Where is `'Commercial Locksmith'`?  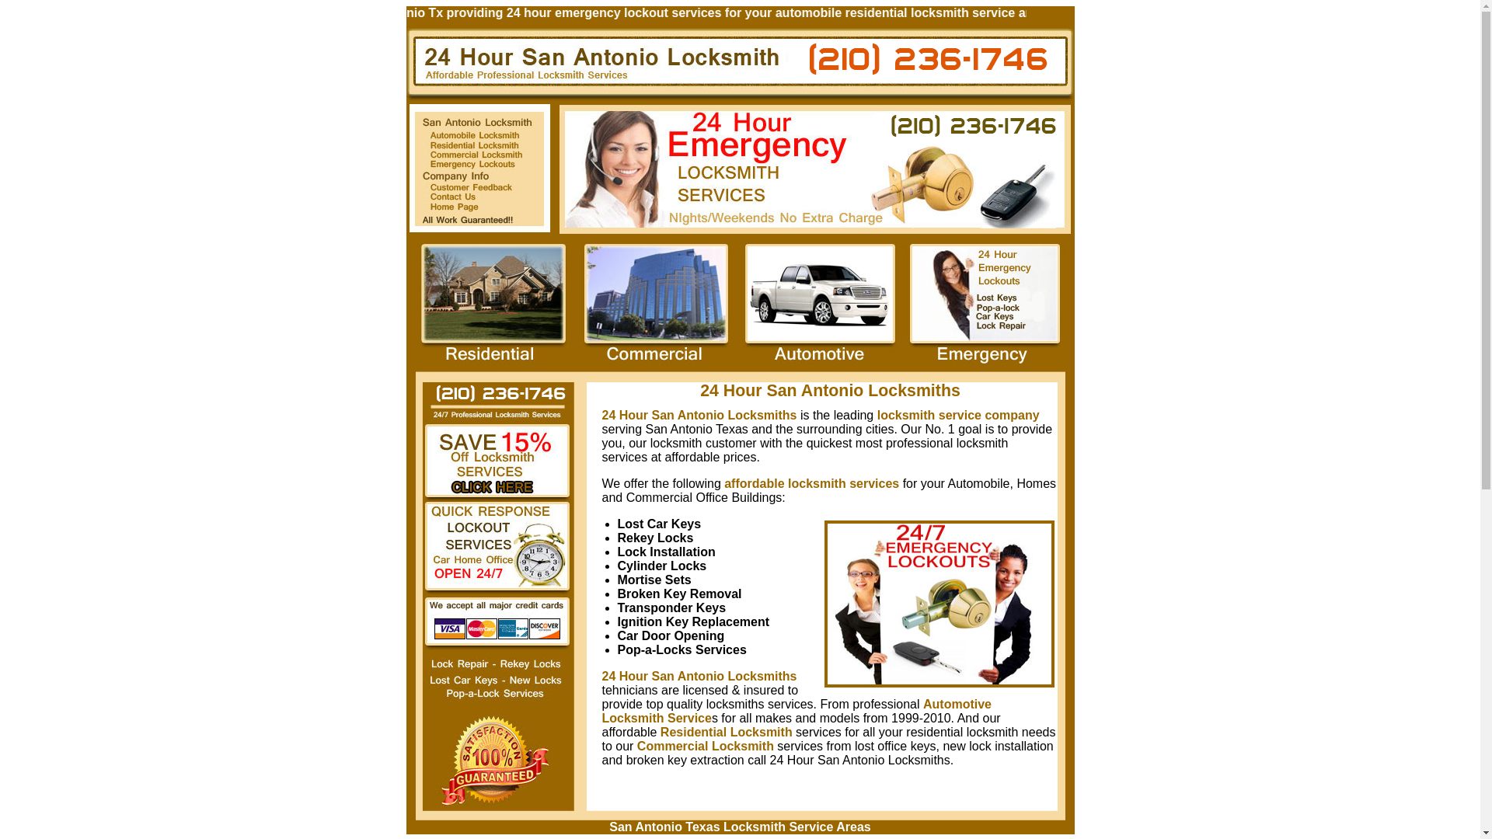 'Commercial Locksmith' is located at coordinates (637, 745).